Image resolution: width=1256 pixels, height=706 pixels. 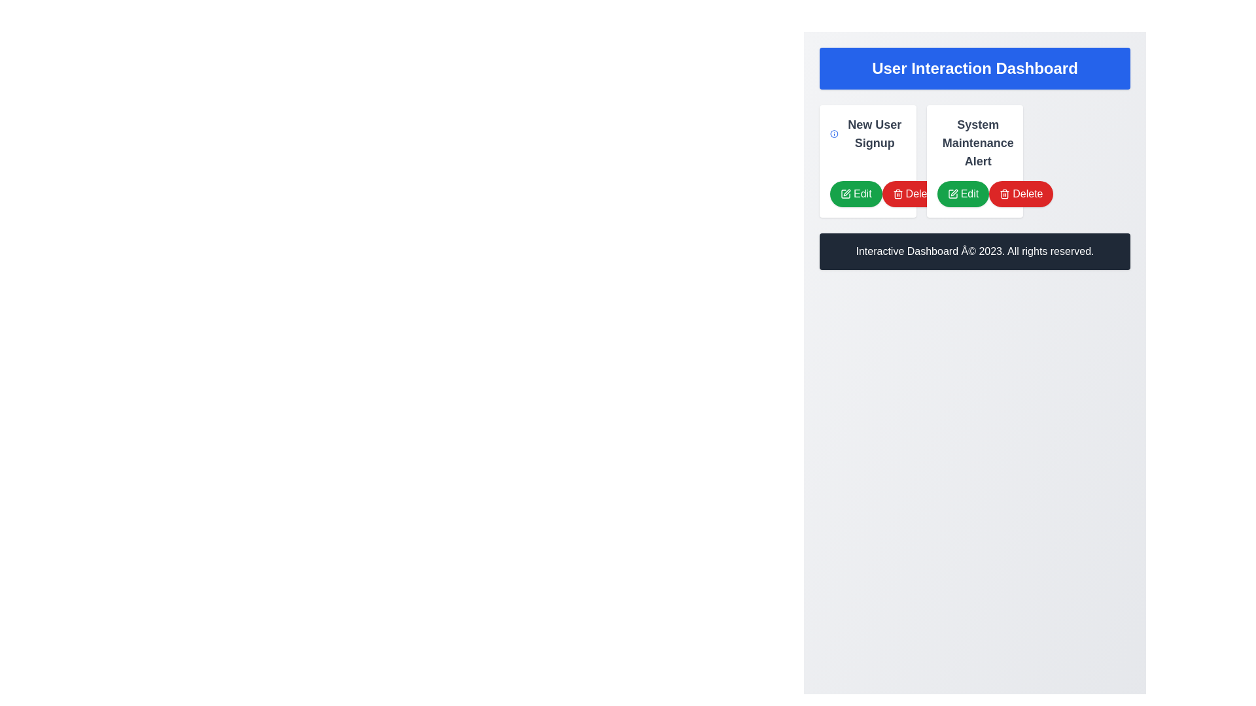 I want to click on the red trash icon within the 'Delete' button located at the bottom-right of the 'New User Signup' card, so click(x=897, y=194).